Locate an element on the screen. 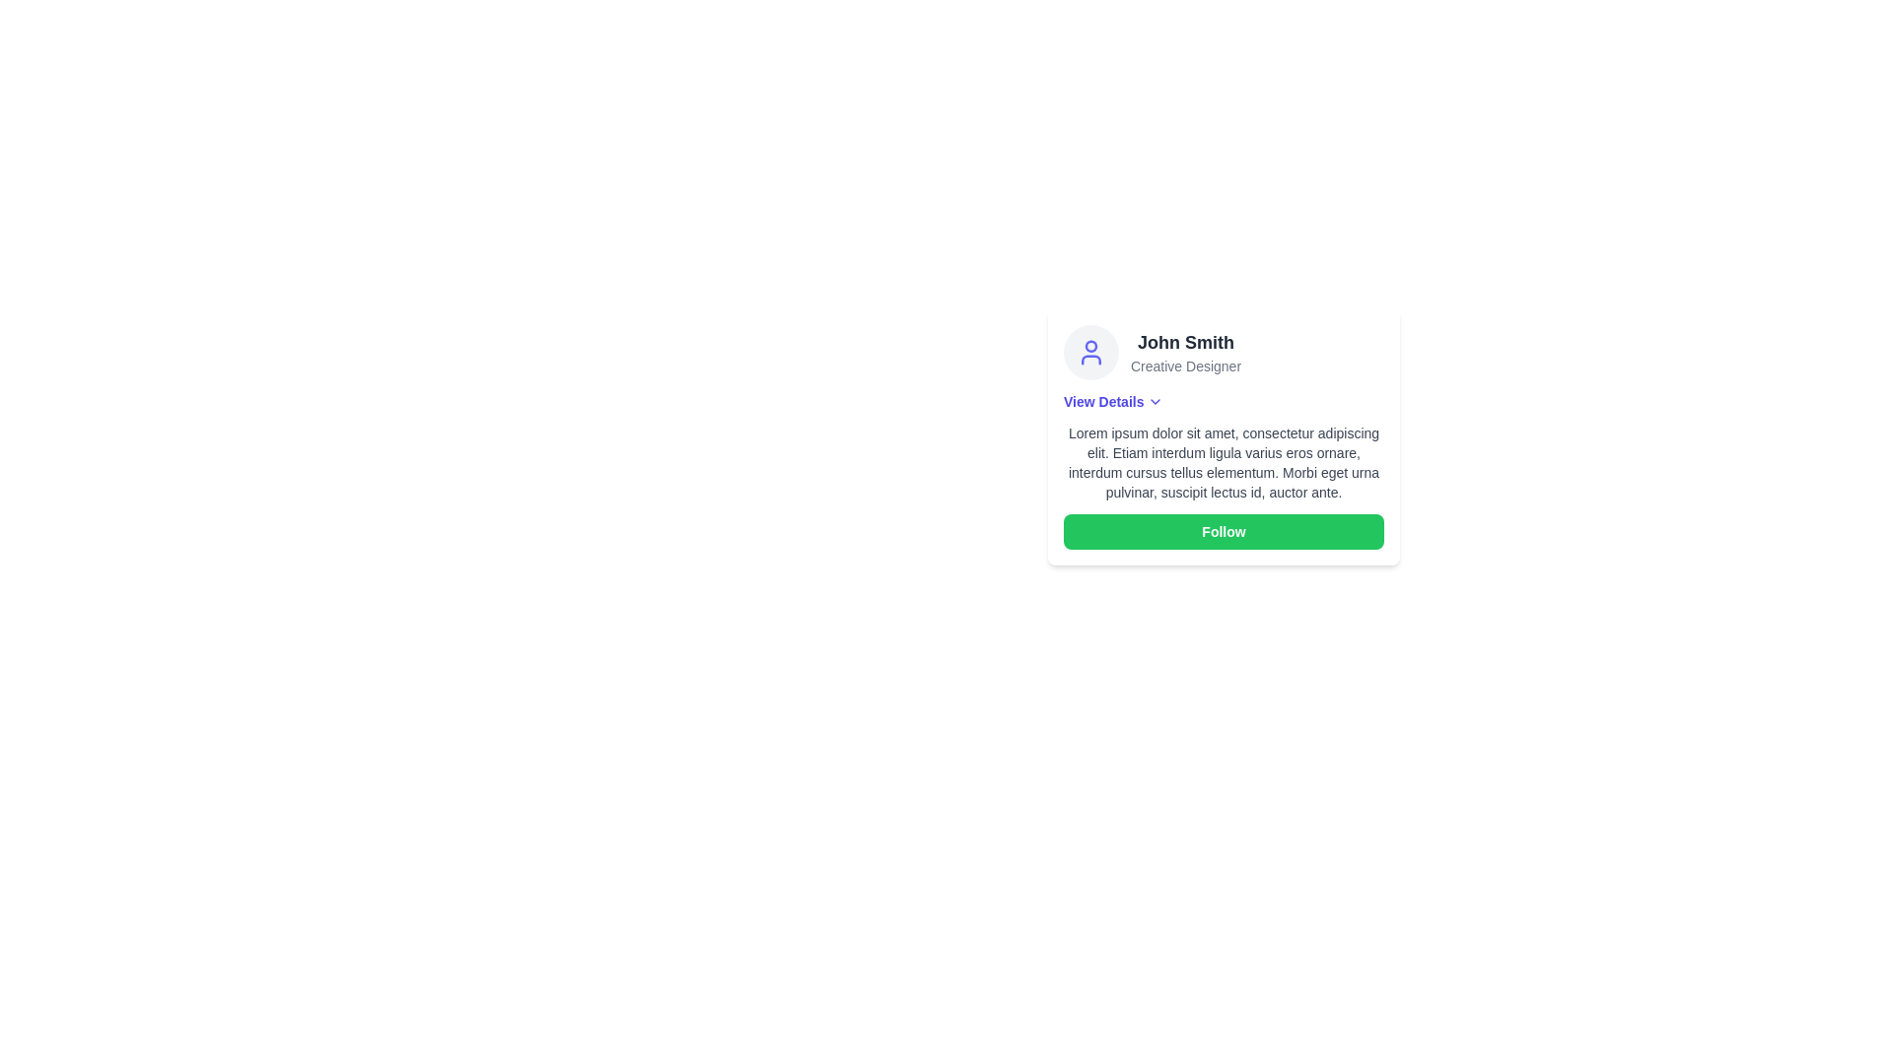 The height and width of the screenshot is (1064, 1893). the SVG User Icon with a dark blue stroke on a transparent background for a detailed profile view is located at coordinates (1090, 352).